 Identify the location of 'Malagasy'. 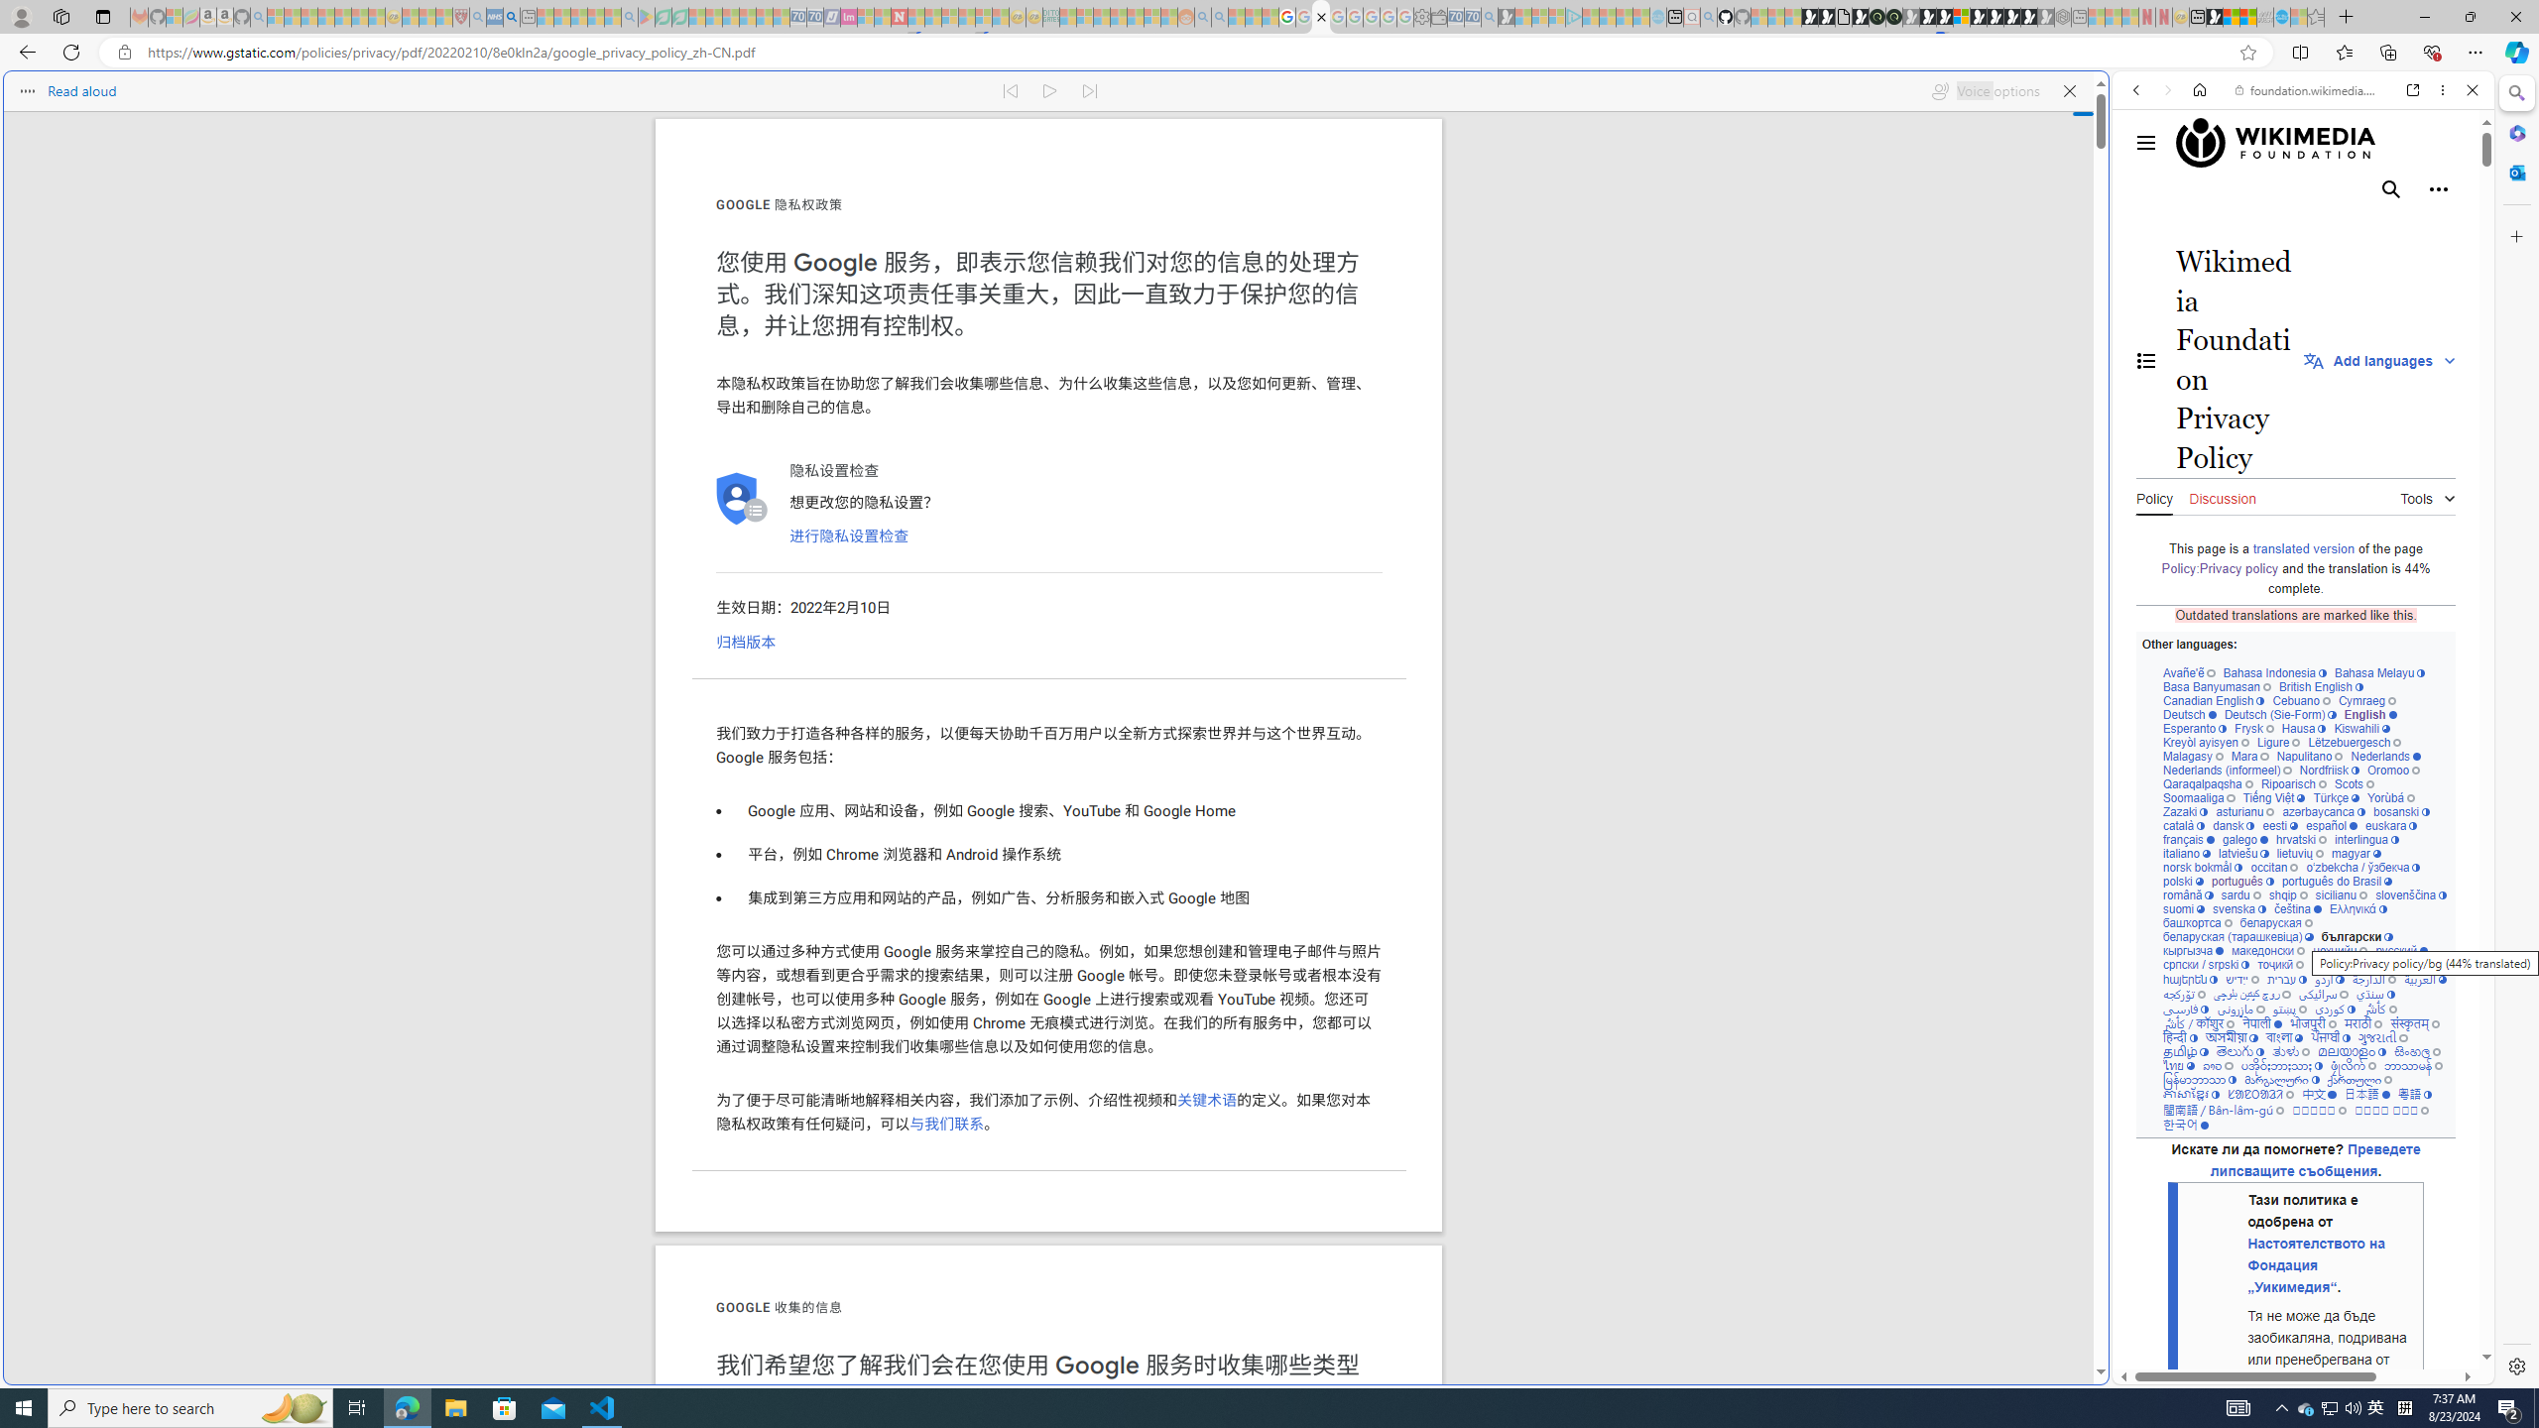
(2192, 756).